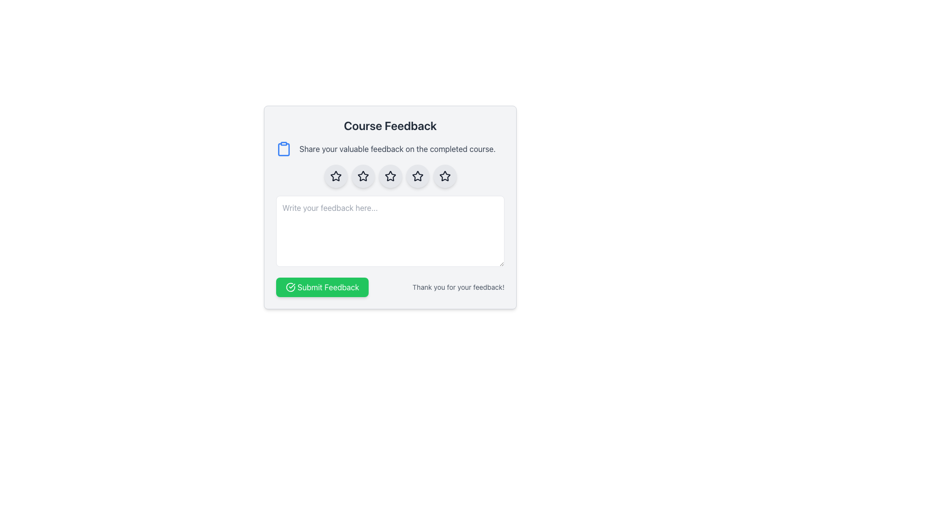 The width and height of the screenshot is (935, 526). Describe the element at coordinates (444, 176) in the screenshot. I see `the fourth hollow star icon in the rating component to provide a rating` at that location.